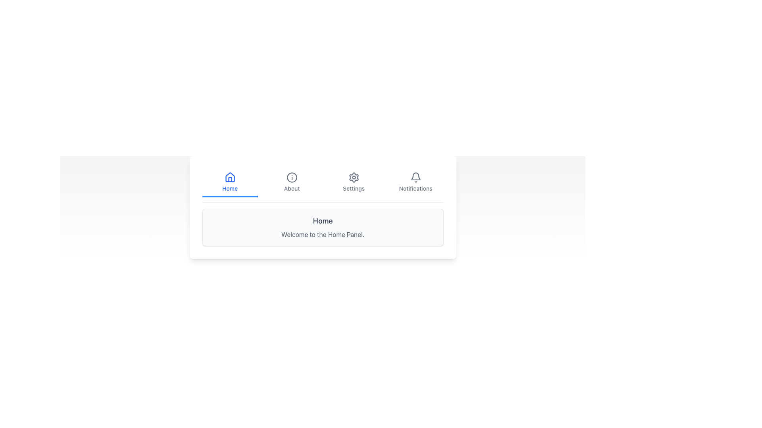  Describe the element at coordinates (291, 188) in the screenshot. I see `text label indicating the section's purpose as 'About', located directly below the informational icon` at that location.